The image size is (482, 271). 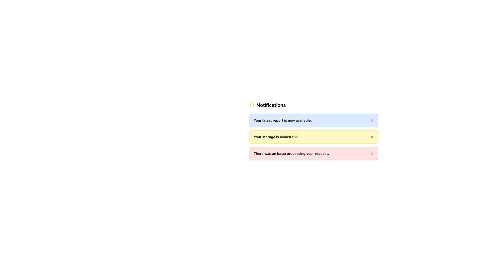 What do you see at coordinates (372, 137) in the screenshot?
I see `the small cross-shaped gray button` at bounding box center [372, 137].